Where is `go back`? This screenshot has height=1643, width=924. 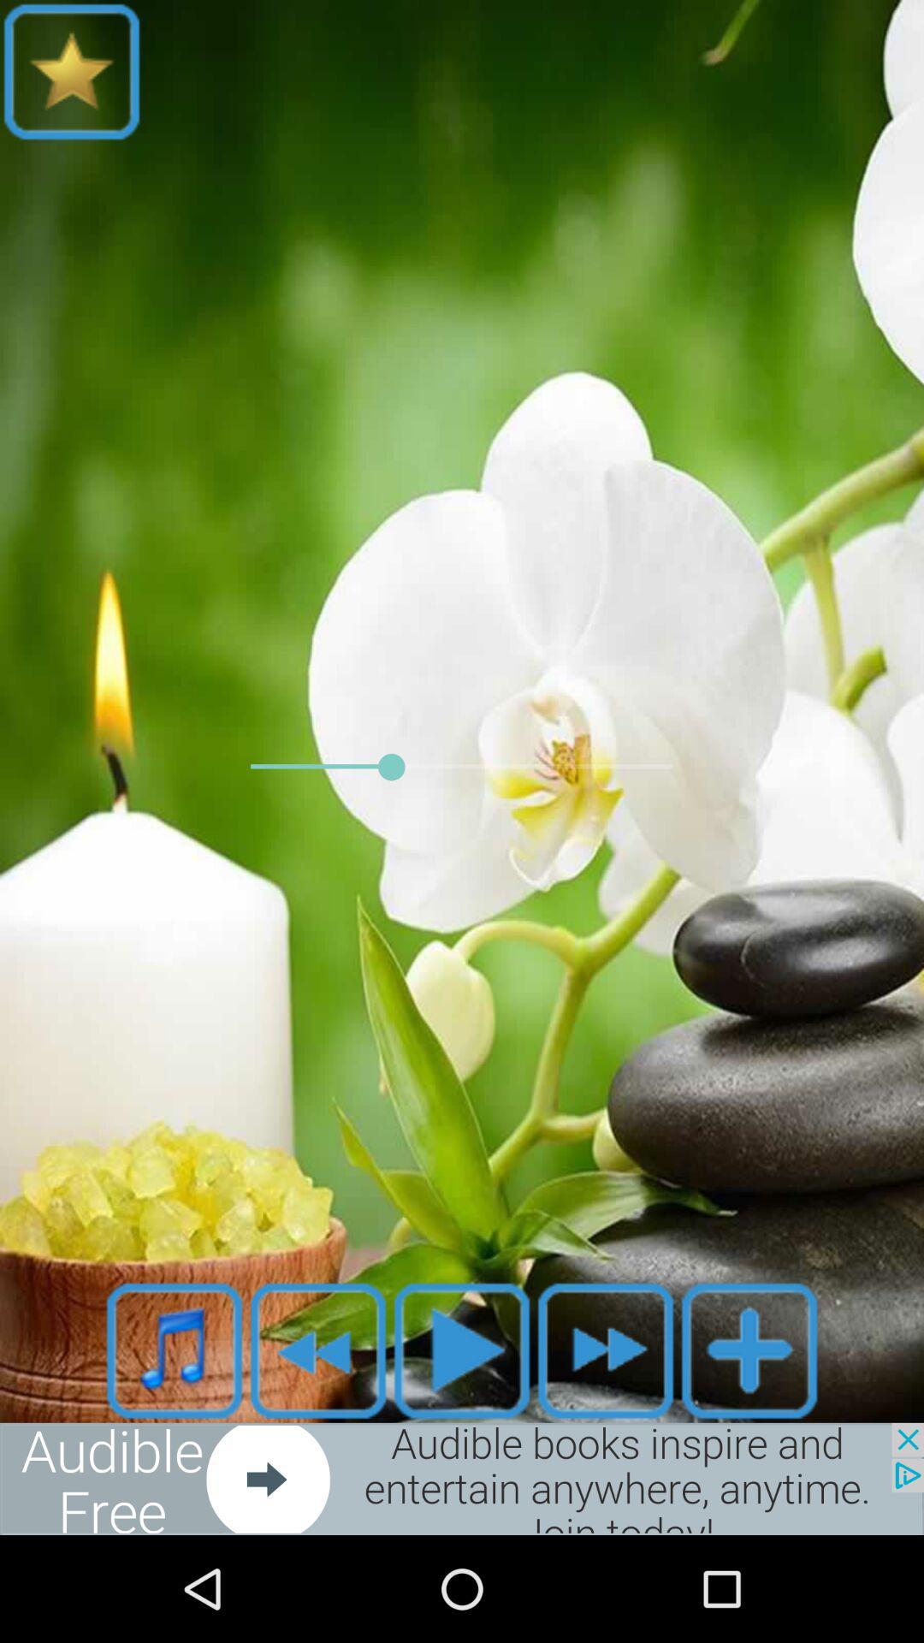
go back is located at coordinates (317, 1349).